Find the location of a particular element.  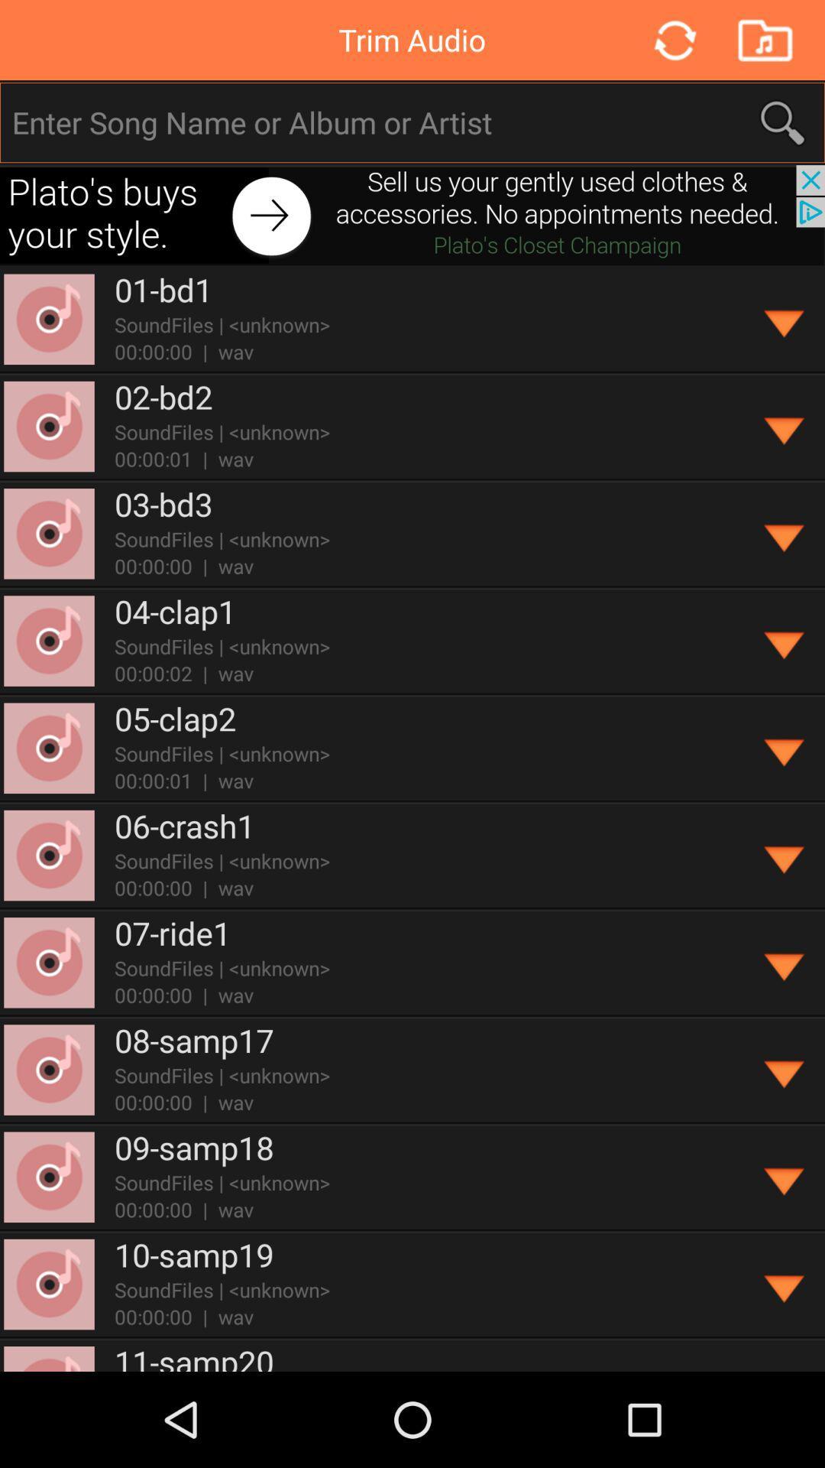

song is located at coordinates (785, 1284).